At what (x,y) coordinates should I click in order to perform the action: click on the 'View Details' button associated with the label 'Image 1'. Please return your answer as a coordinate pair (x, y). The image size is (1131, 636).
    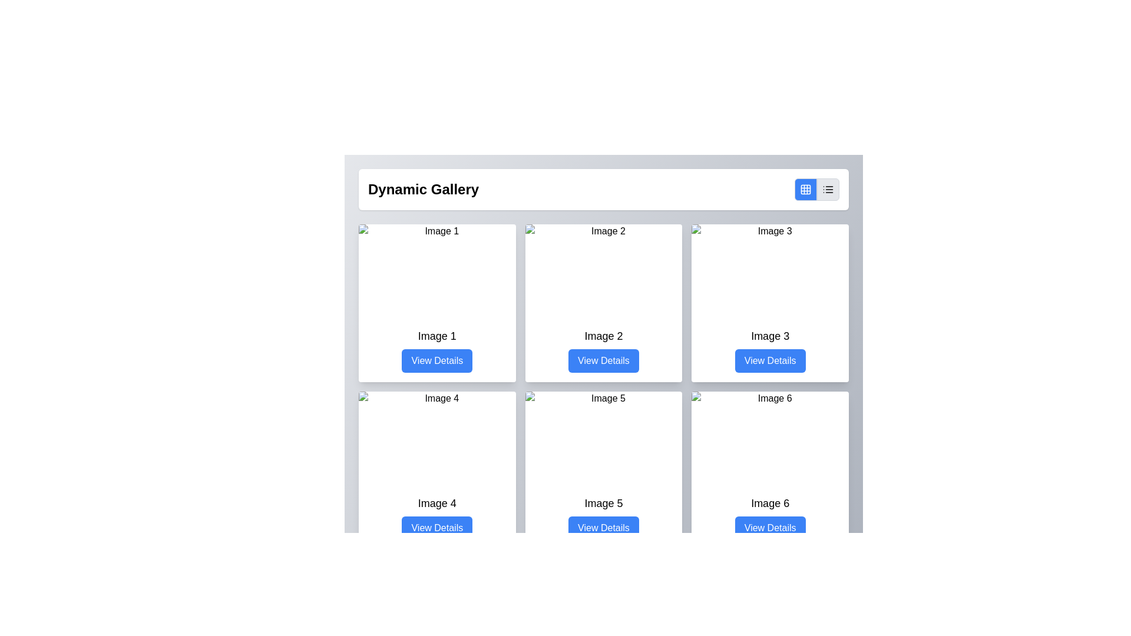
    Looking at the image, I should click on (436, 349).